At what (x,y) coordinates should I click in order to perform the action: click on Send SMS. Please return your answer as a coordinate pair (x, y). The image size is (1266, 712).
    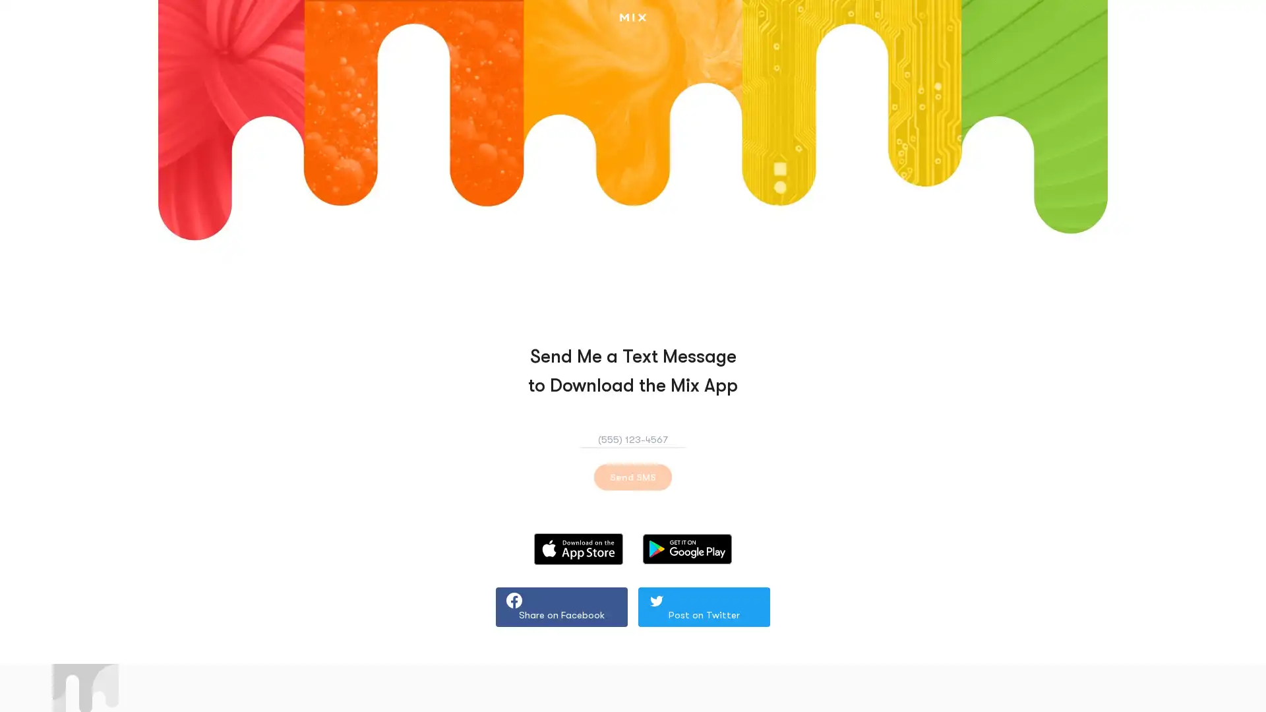
    Looking at the image, I should click on (633, 477).